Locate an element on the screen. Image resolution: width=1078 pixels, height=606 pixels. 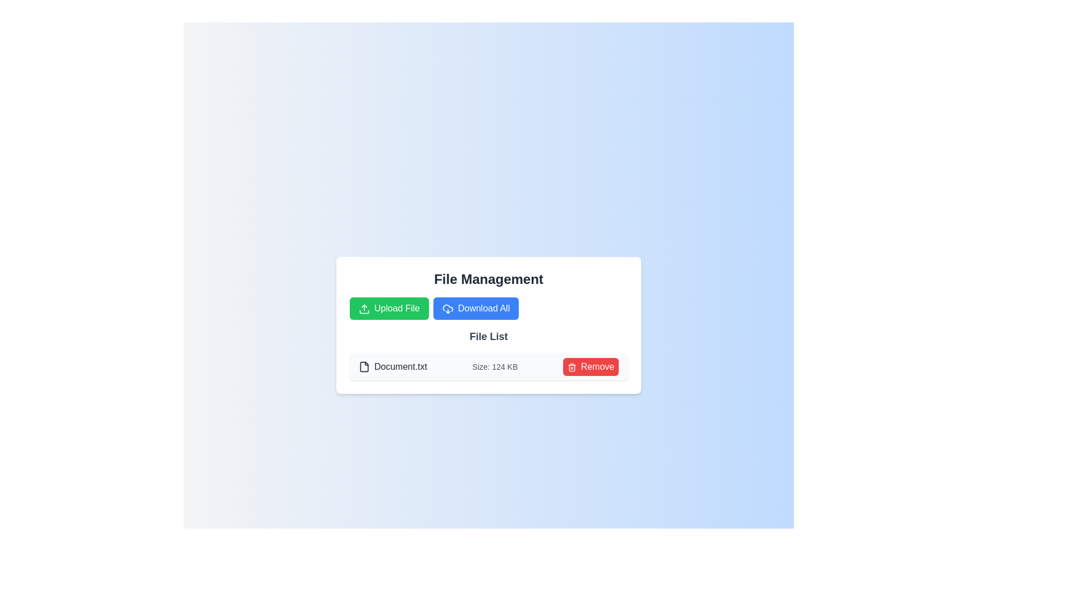
the file upload button located in the top-left corner of the File Management panel is located at coordinates (389, 309).